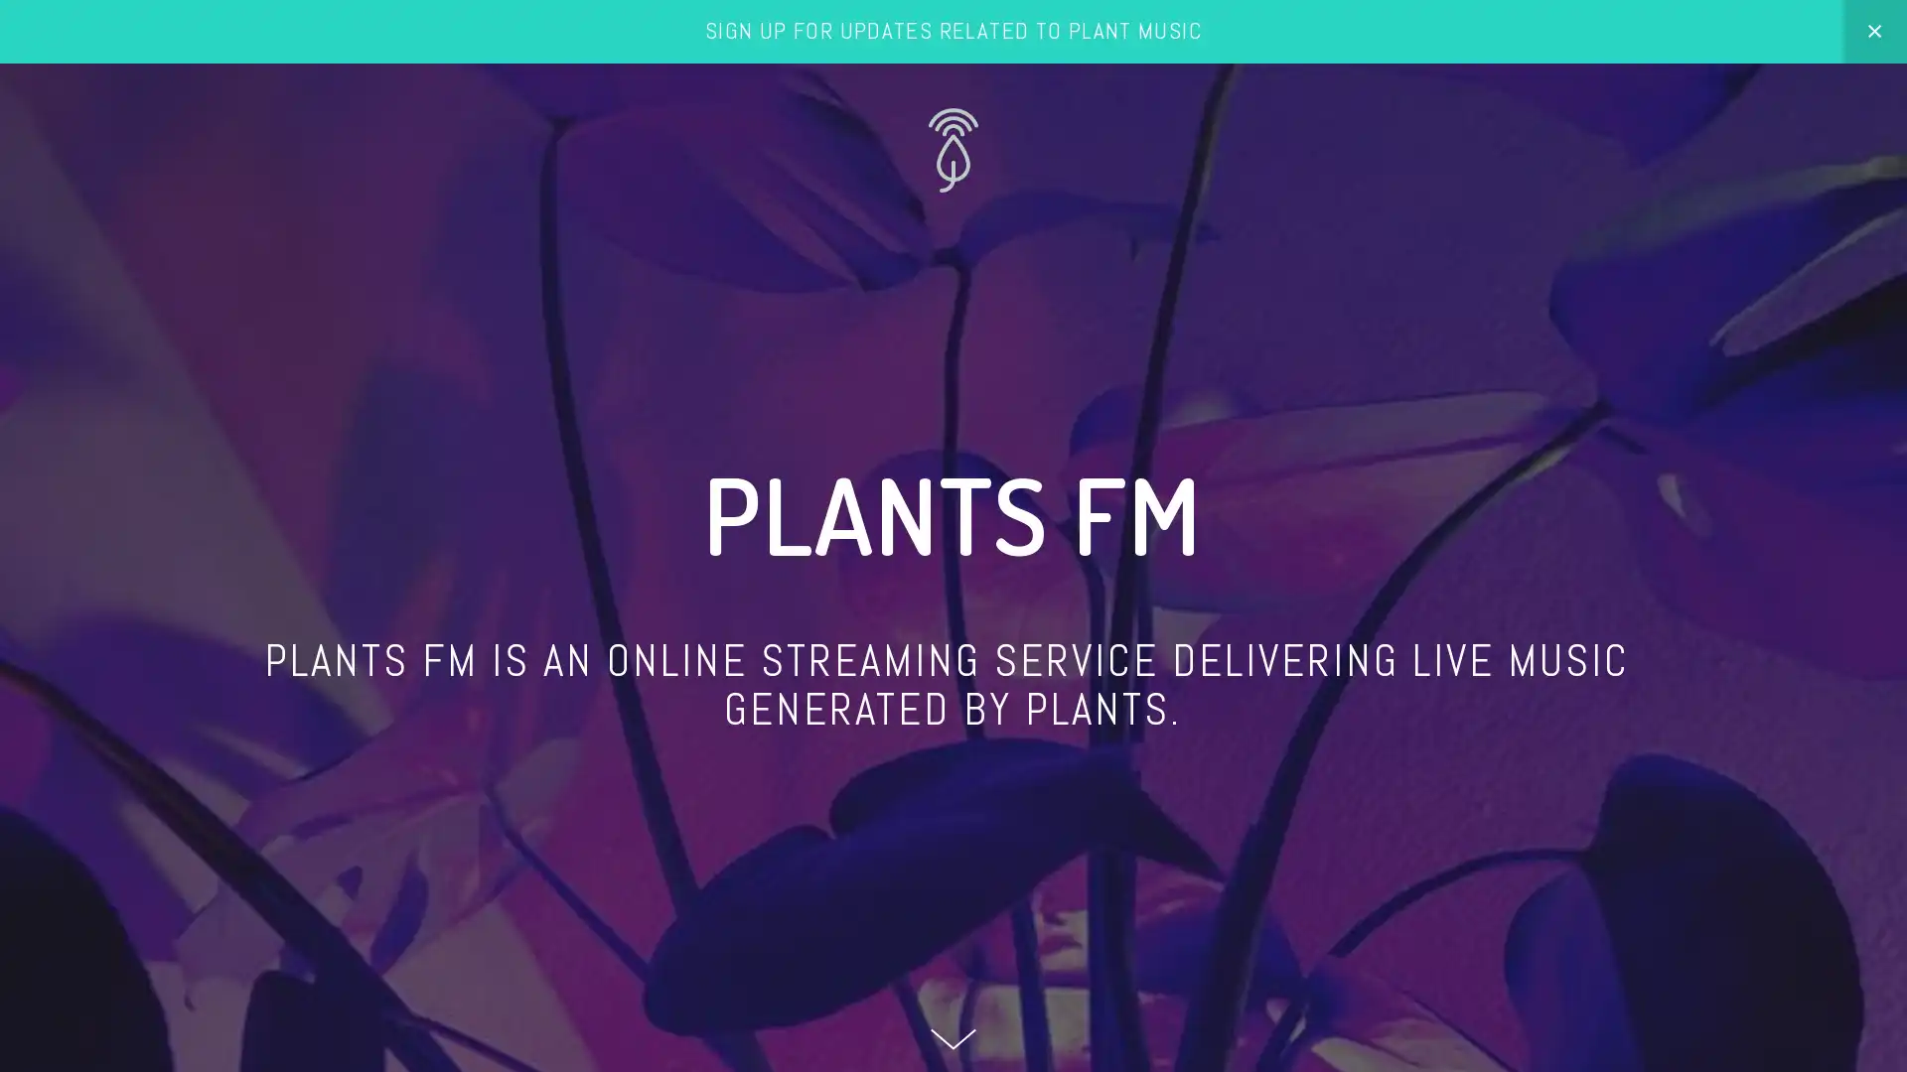 The image size is (1907, 1072). I want to click on SIGN UP, so click(1681, 864).